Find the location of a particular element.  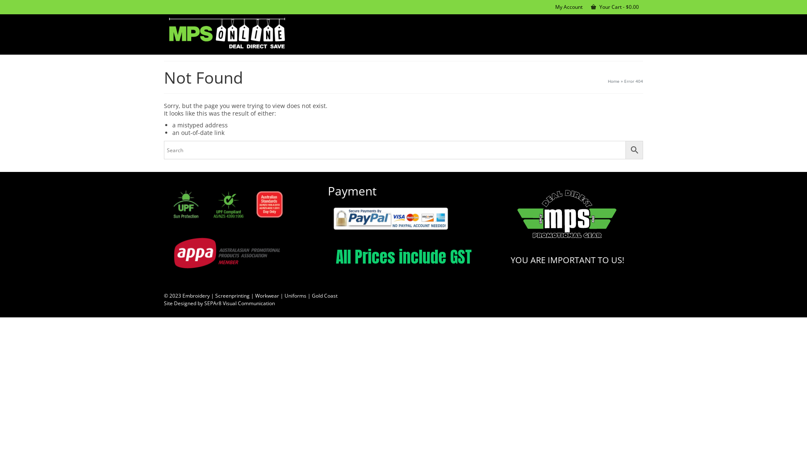

'Your Cart - $0.00' is located at coordinates (615, 7).